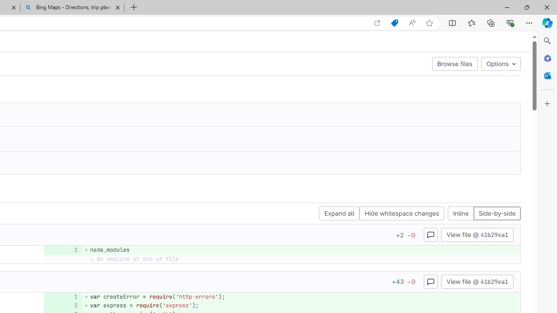 Image resolution: width=557 pixels, height=313 pixels. What do you see at coordinates (460, 213) in the screenshot?
I see `'Inline'` at bounding box center [460, 213].